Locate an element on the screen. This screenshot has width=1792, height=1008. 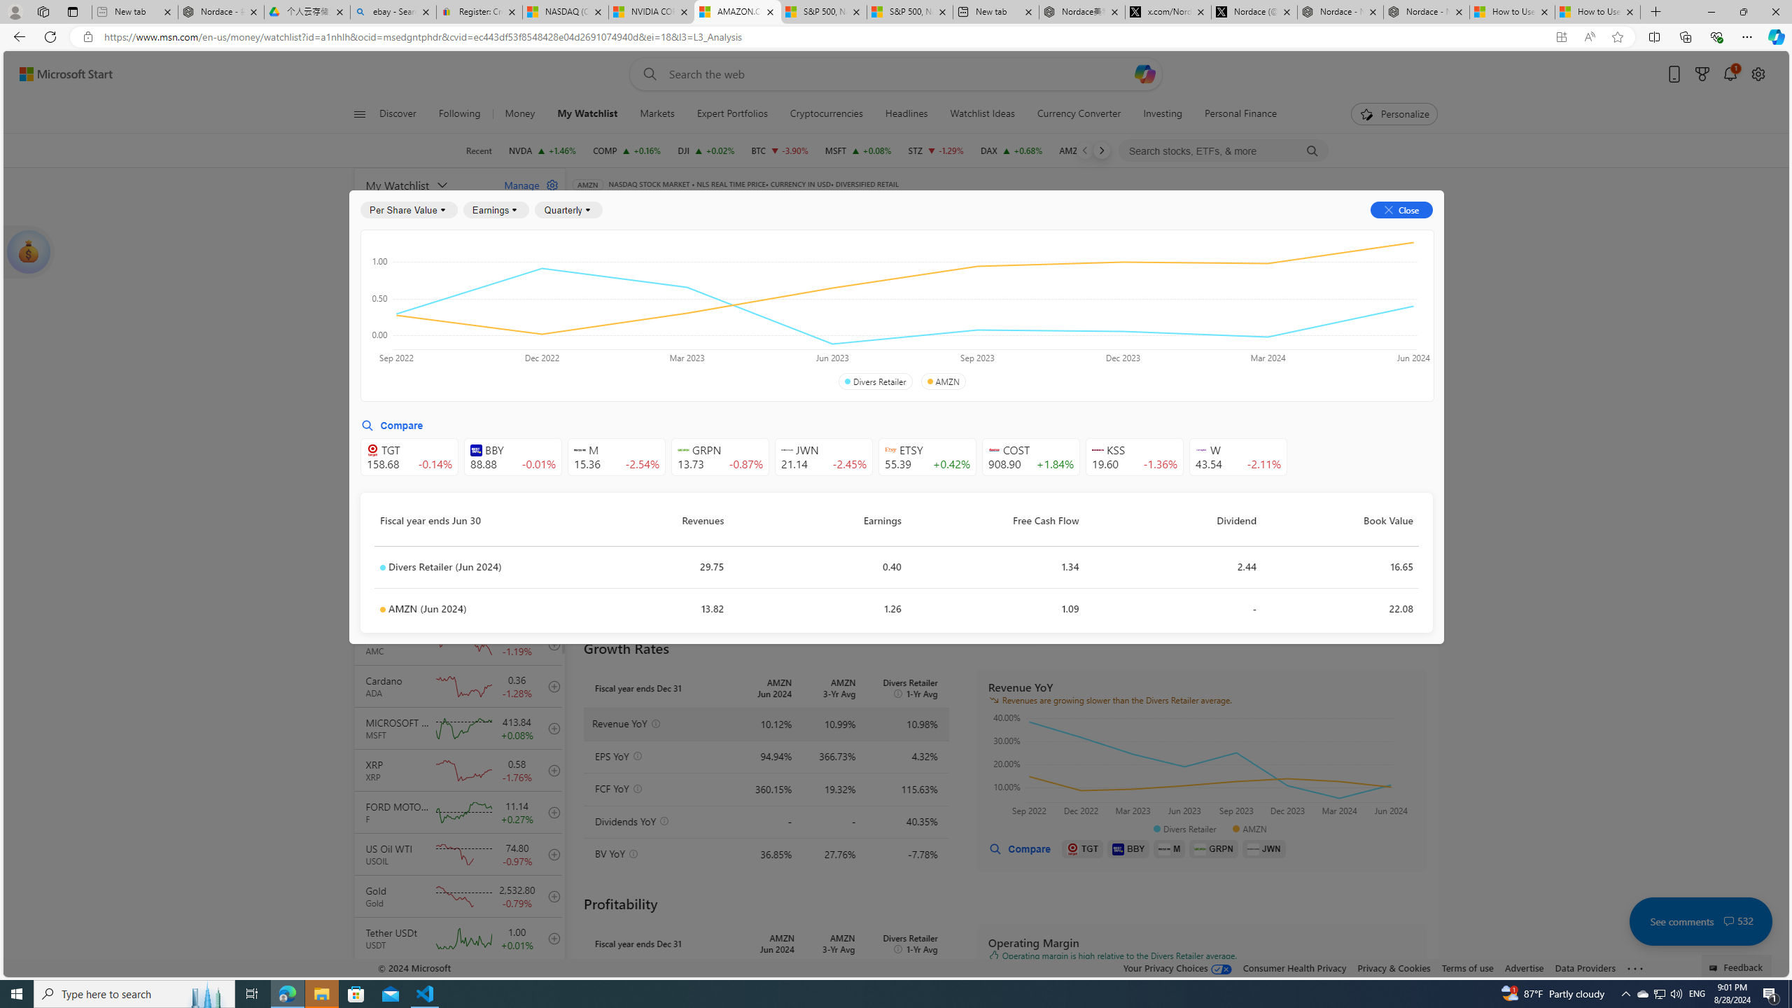
'Class: cwt-icon-vector' is located at coordinates (1729, 920).